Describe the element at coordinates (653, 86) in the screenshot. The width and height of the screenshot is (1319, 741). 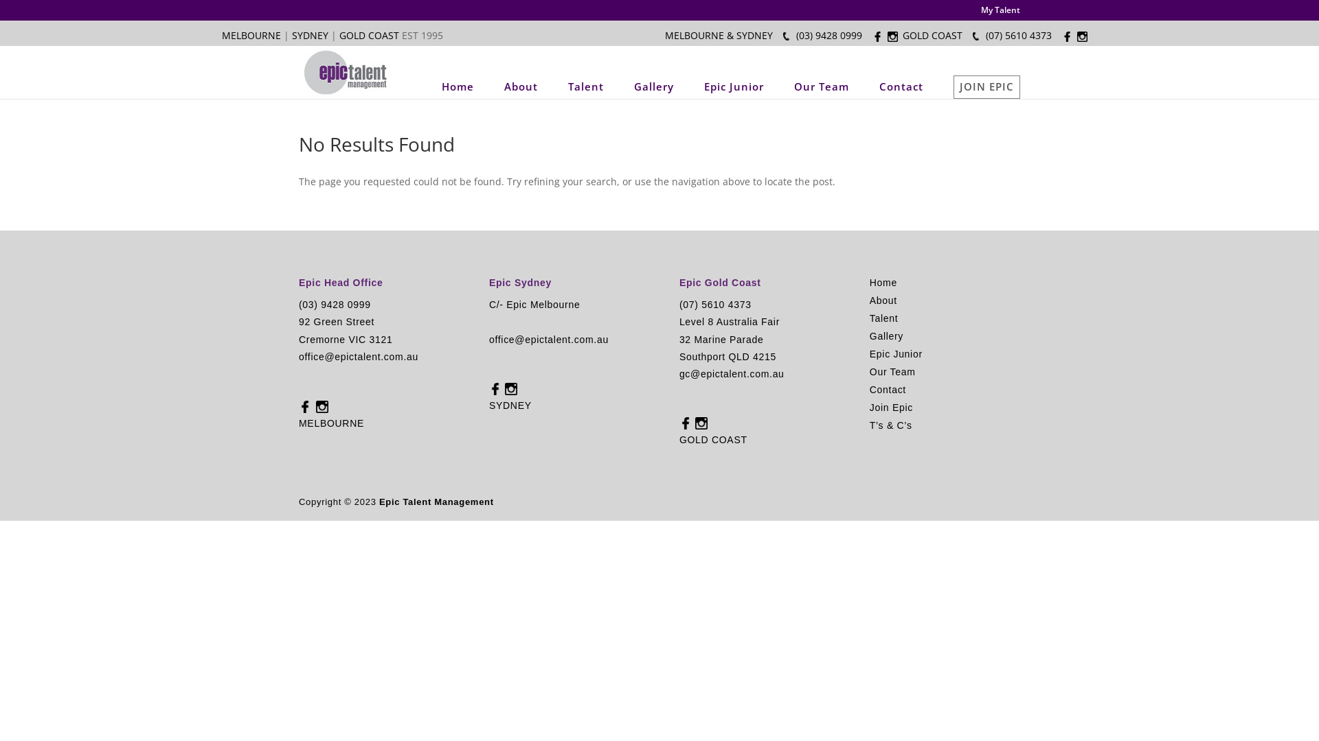
I see `'Gallery'` at that location.